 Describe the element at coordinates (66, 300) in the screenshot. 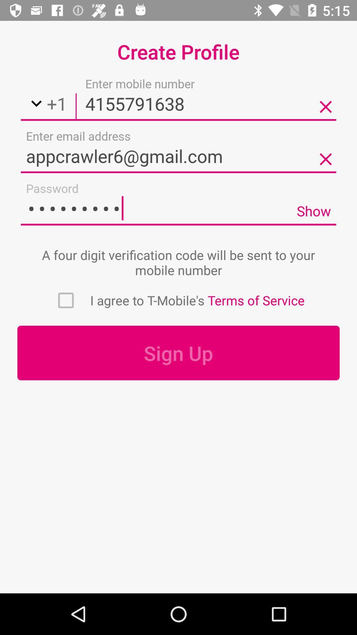

I see `checkbox` at that location.